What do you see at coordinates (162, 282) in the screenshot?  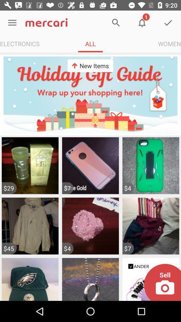 I see `put a product up for sale` at bounding box center [162, 282].